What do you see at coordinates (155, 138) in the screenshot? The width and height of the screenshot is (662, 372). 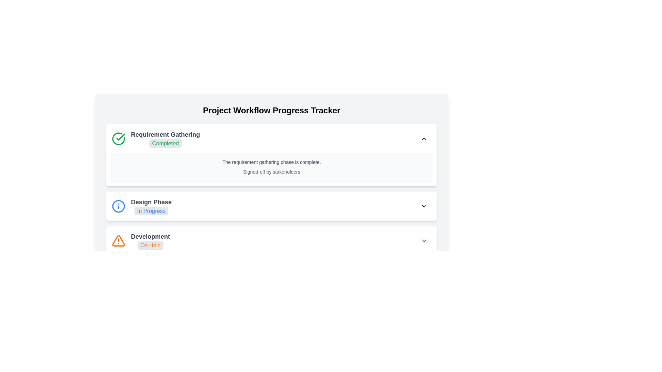 I see `the 'Completed' status display element, which features a green checkmark and is positioned at the top of the list` at bounding box center [155, 138].